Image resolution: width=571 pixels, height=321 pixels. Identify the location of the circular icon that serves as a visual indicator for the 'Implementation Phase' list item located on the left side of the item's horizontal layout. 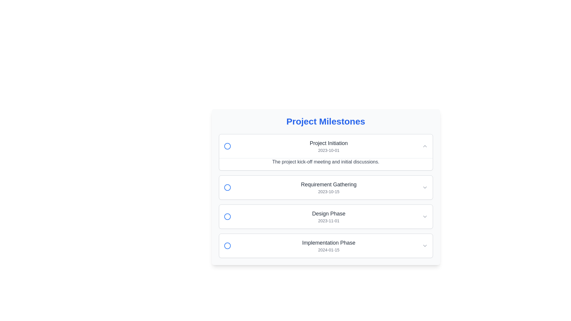
(227, 246).